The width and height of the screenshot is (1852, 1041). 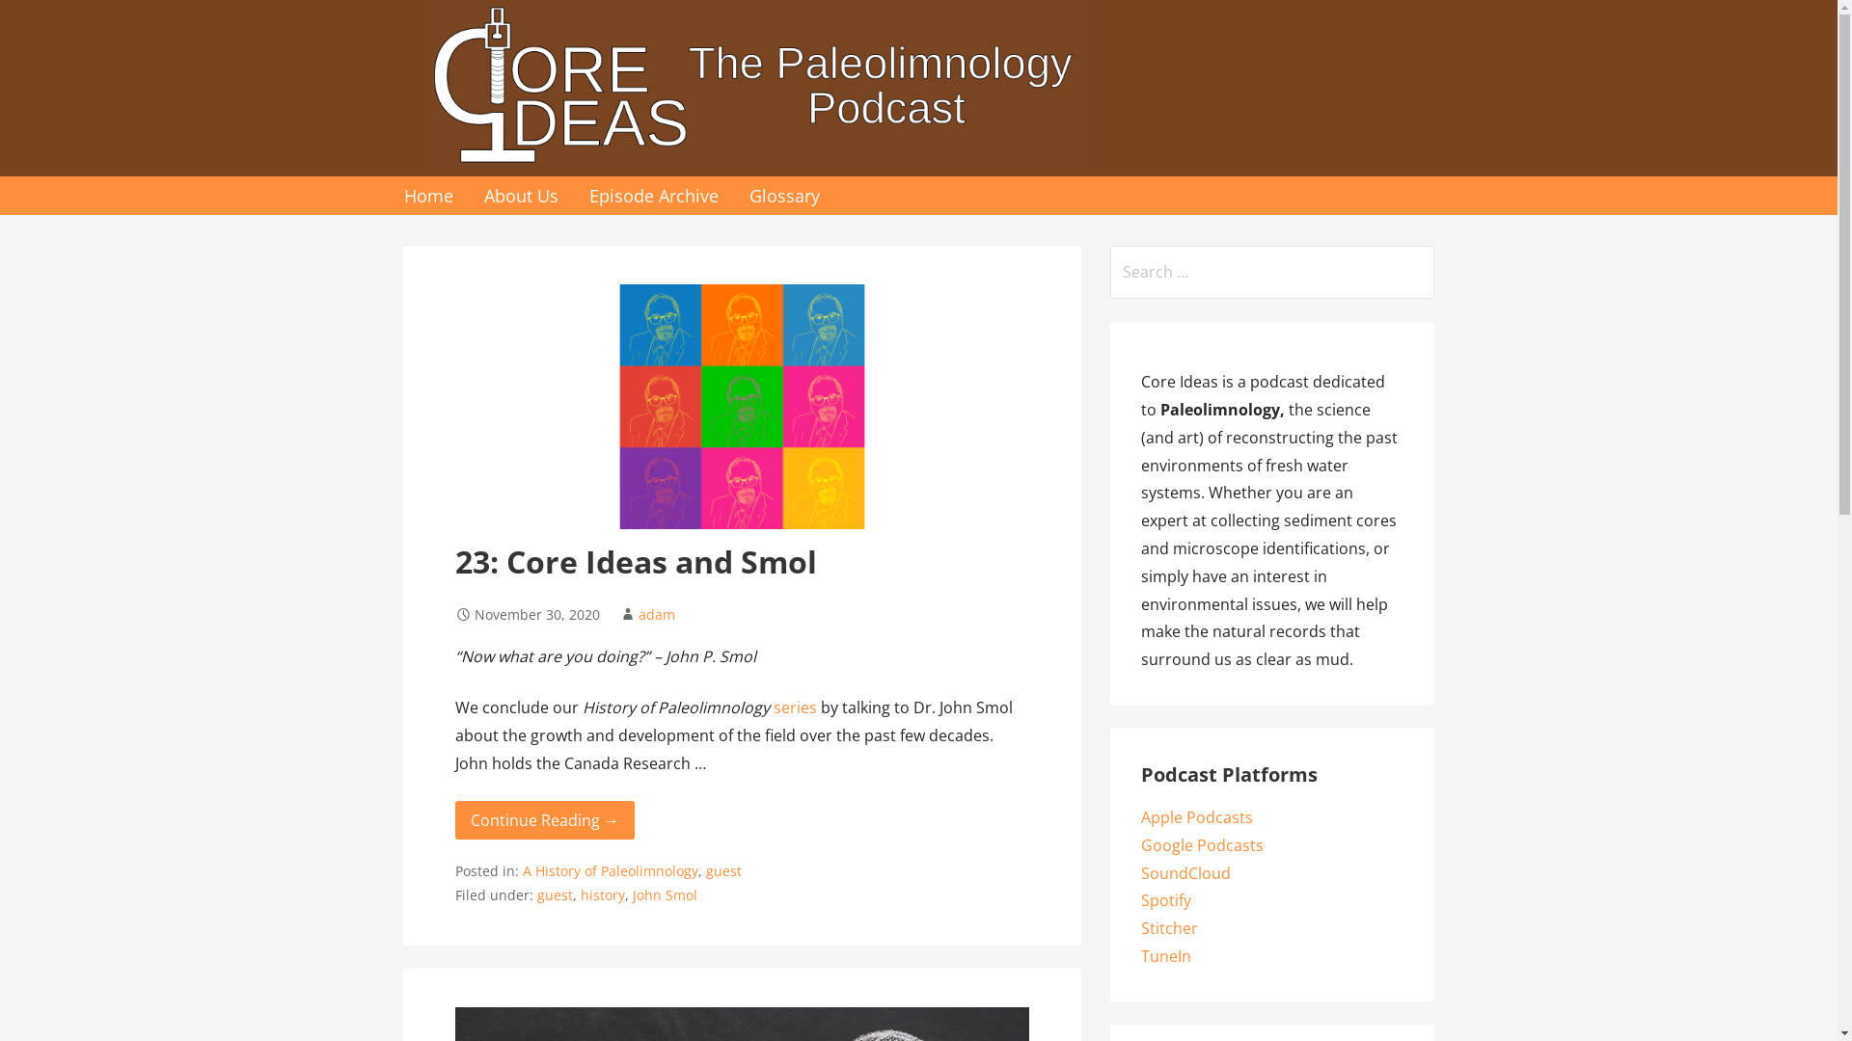 What do you see at coordinates (1140, 873) in the screenshot?
I see `'SoundCloud'` at bounding box center [1140, 873].